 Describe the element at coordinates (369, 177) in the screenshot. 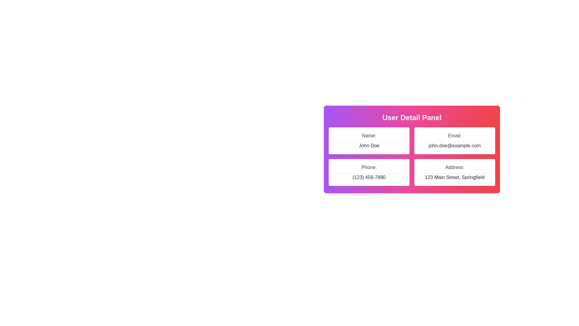

I see `the text label displaying '(123) 456-7890' located beneath the 'Phone:' label in the user detail panel` at that location.